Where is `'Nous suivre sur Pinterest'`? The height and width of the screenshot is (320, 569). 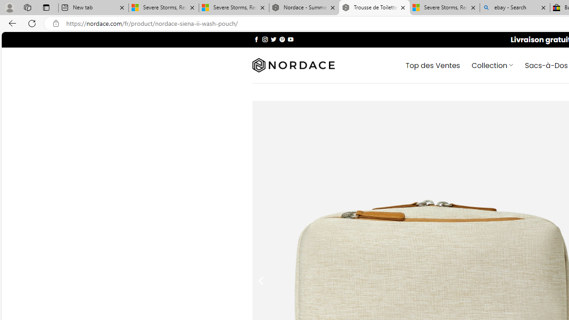
'Nous suivre sur Pinterest' is located at coordinates (281, 39).